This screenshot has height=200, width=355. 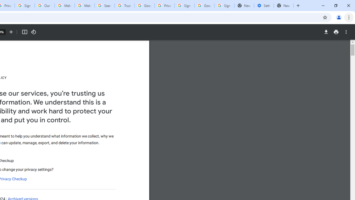 What do you see at coordinates (346, 32) in the screenshot?
I see `'More actions'` at bounding box center [346, 32].